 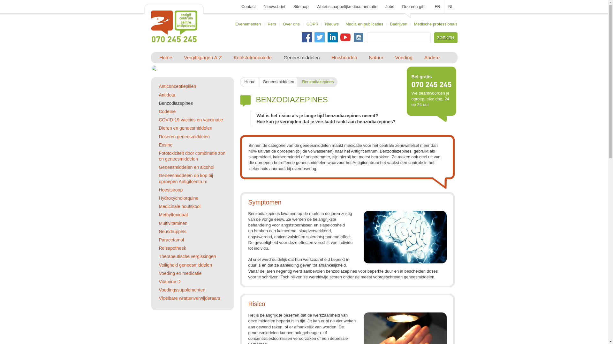 What do you see at coordinates (182, 290) in the screenshot?
I see `'Voedingssupplementen'` at bounding box center [182, 290].